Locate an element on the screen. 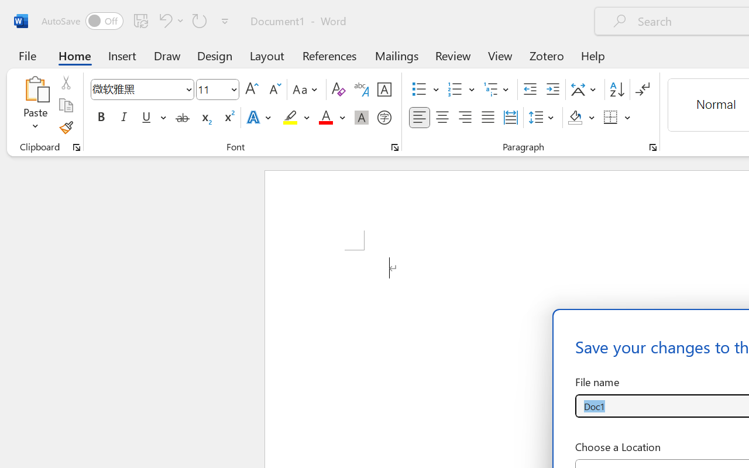 The width and height of the screenshot is (749, 468). 'Font Color Red' is located at coordinates (325, 118).